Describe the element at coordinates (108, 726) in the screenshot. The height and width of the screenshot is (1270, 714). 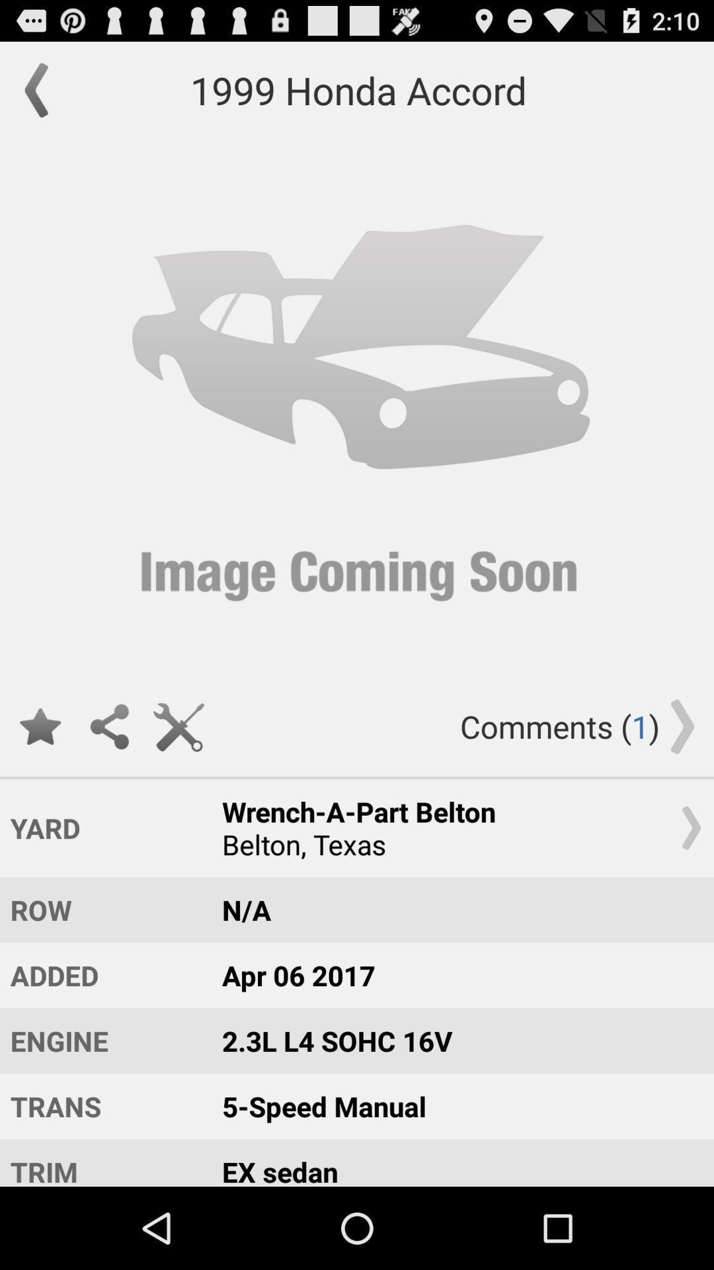
I see `share product on social media` at that location.